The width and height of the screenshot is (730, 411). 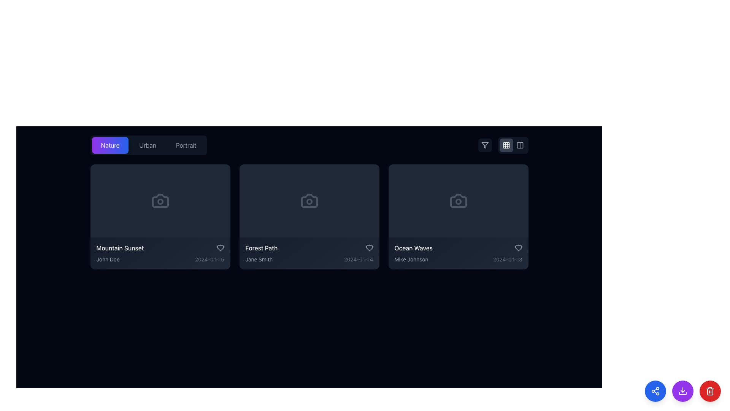 What do you see at coordinates (503, 145) in the screenshot?
I see `the dark gray square button with a grid icon located as the second button in a horizontal row of three` at bounding box center [503, 145].